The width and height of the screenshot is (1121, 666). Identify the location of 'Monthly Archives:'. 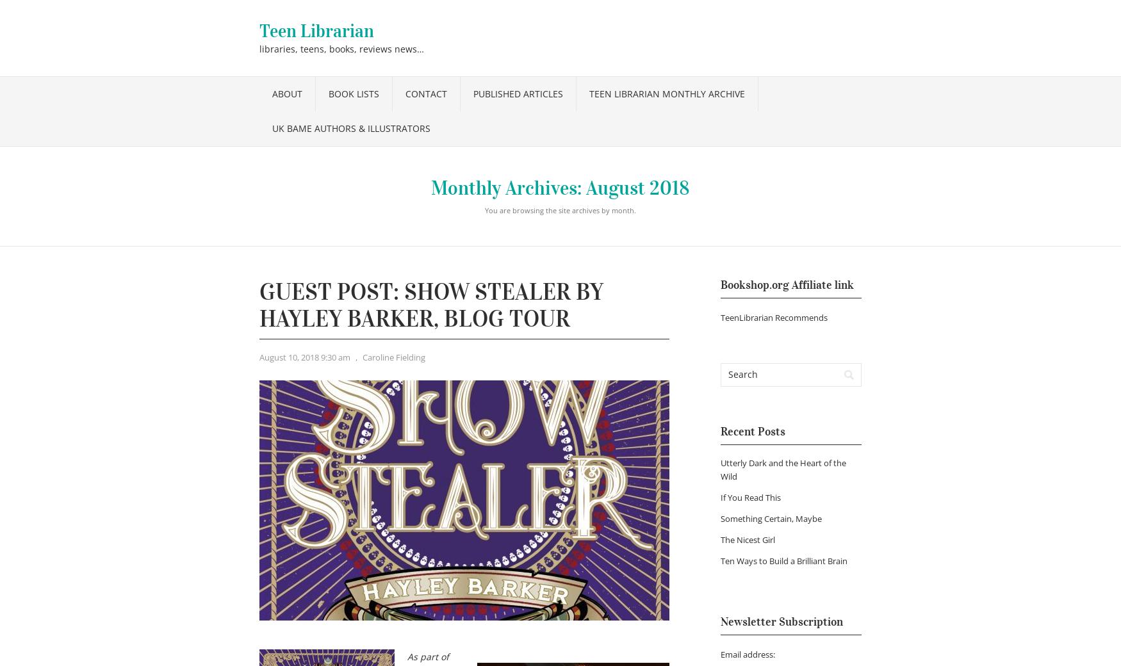
(507, 187).